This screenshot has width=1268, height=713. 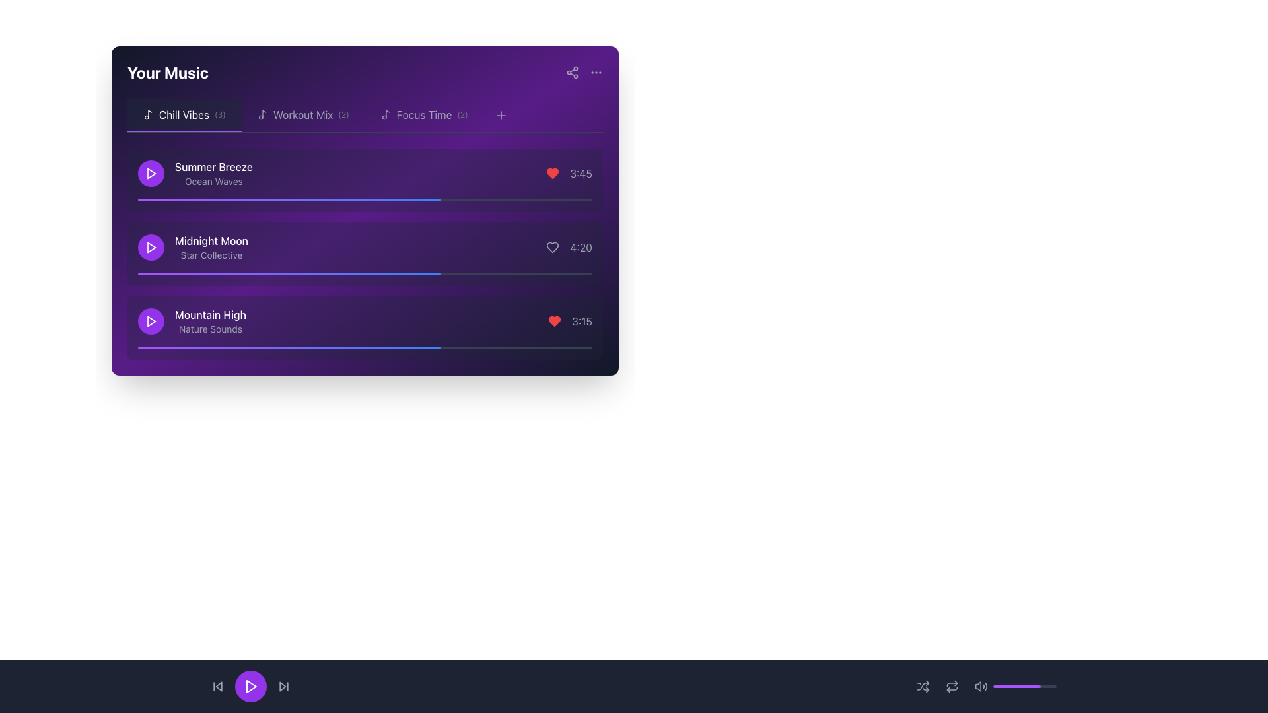 I want to click on the 'Chill Vibes' playlist tab, which features a musical note icon and a numeric indicator '(3)', located in the top left corner of the music player interface, so click(x=184, y=114).